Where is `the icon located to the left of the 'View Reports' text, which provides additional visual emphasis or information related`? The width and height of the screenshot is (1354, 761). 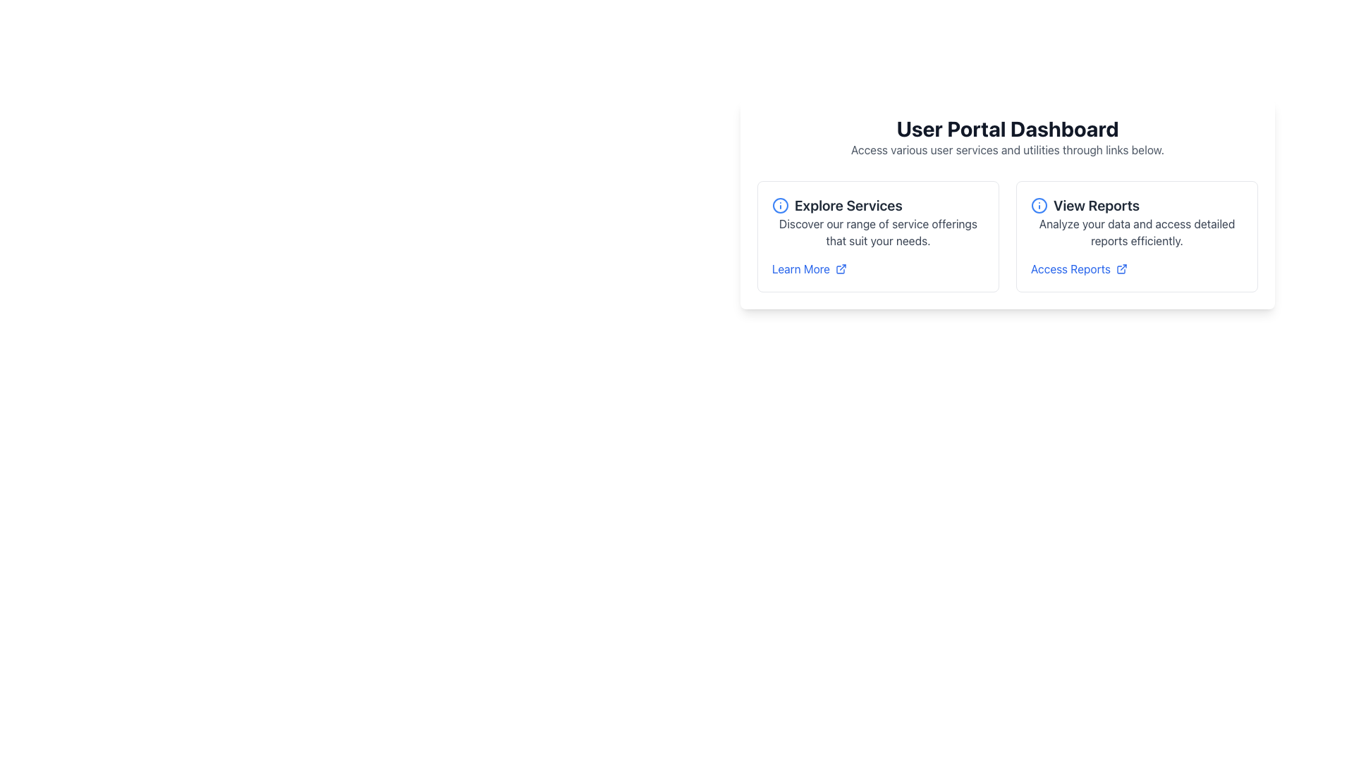
the icon located to the left of the 'View Reports' text, which provides additional visual emphasis or information related is located at coordinates (1039, 206).